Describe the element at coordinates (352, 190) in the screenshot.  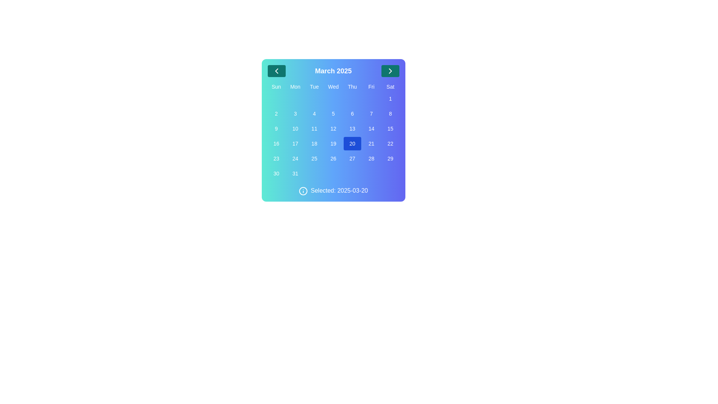
I see `displayed date '2025-03-20' from the text label styled with medium font weight on a gradient background, located below the calendar interface and to the right of the information icon` at that location.